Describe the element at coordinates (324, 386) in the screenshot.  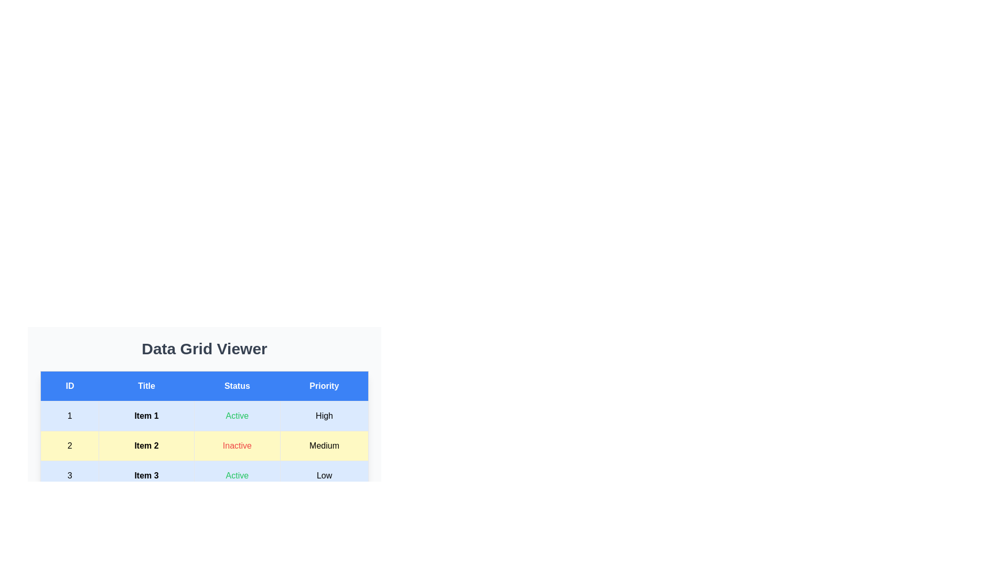
I see `the column header Priority to sort the table by that column` at that location.